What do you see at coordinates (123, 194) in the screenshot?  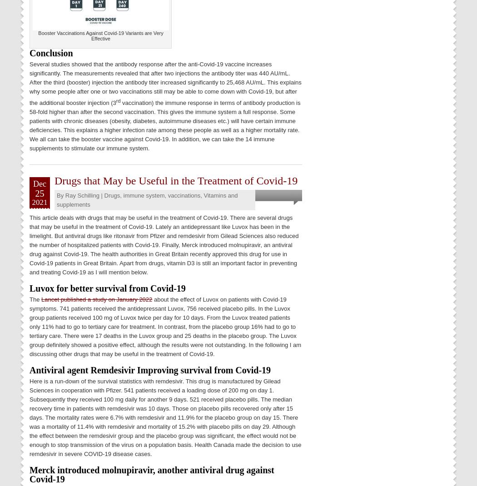 I see `'immune system'` at bounding box center [123, 194].